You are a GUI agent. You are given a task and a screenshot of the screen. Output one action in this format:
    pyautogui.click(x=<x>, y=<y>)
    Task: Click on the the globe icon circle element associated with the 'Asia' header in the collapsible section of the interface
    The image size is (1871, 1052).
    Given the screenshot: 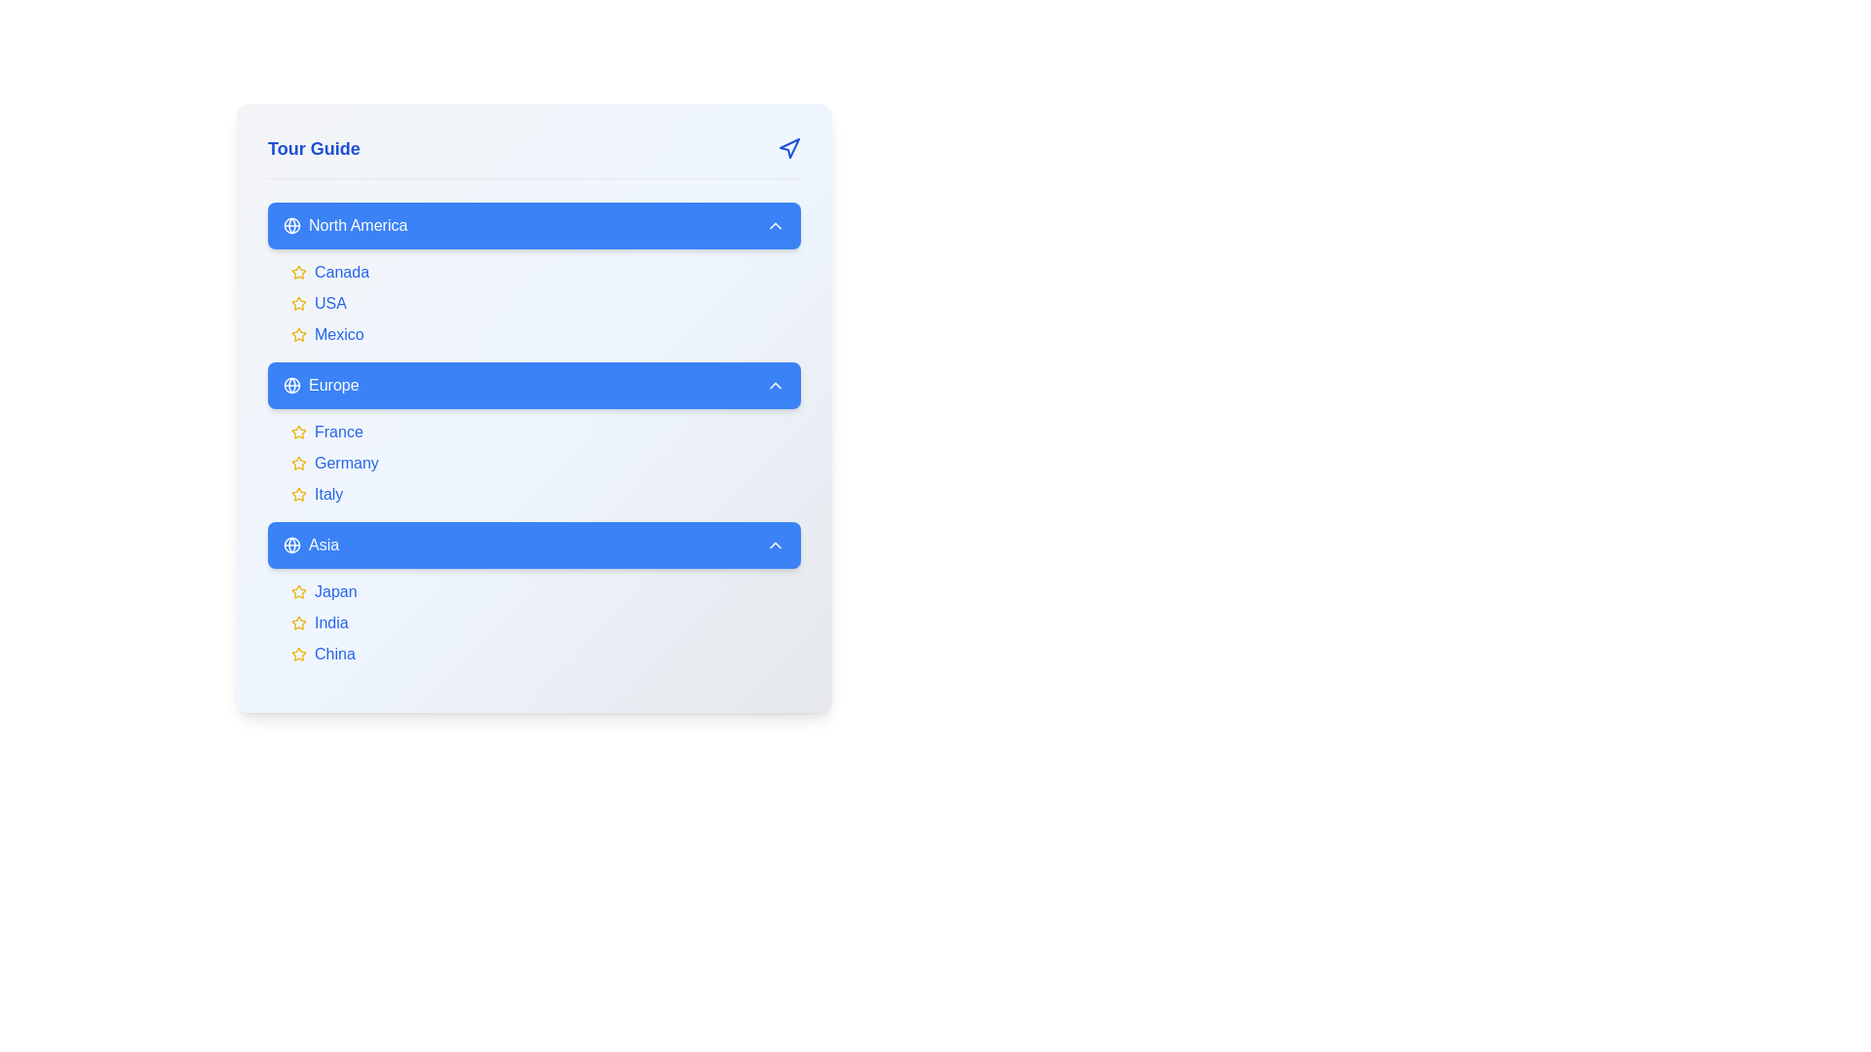 What is the action you would take?
    pyautogui.click(x=290, y=545)
    